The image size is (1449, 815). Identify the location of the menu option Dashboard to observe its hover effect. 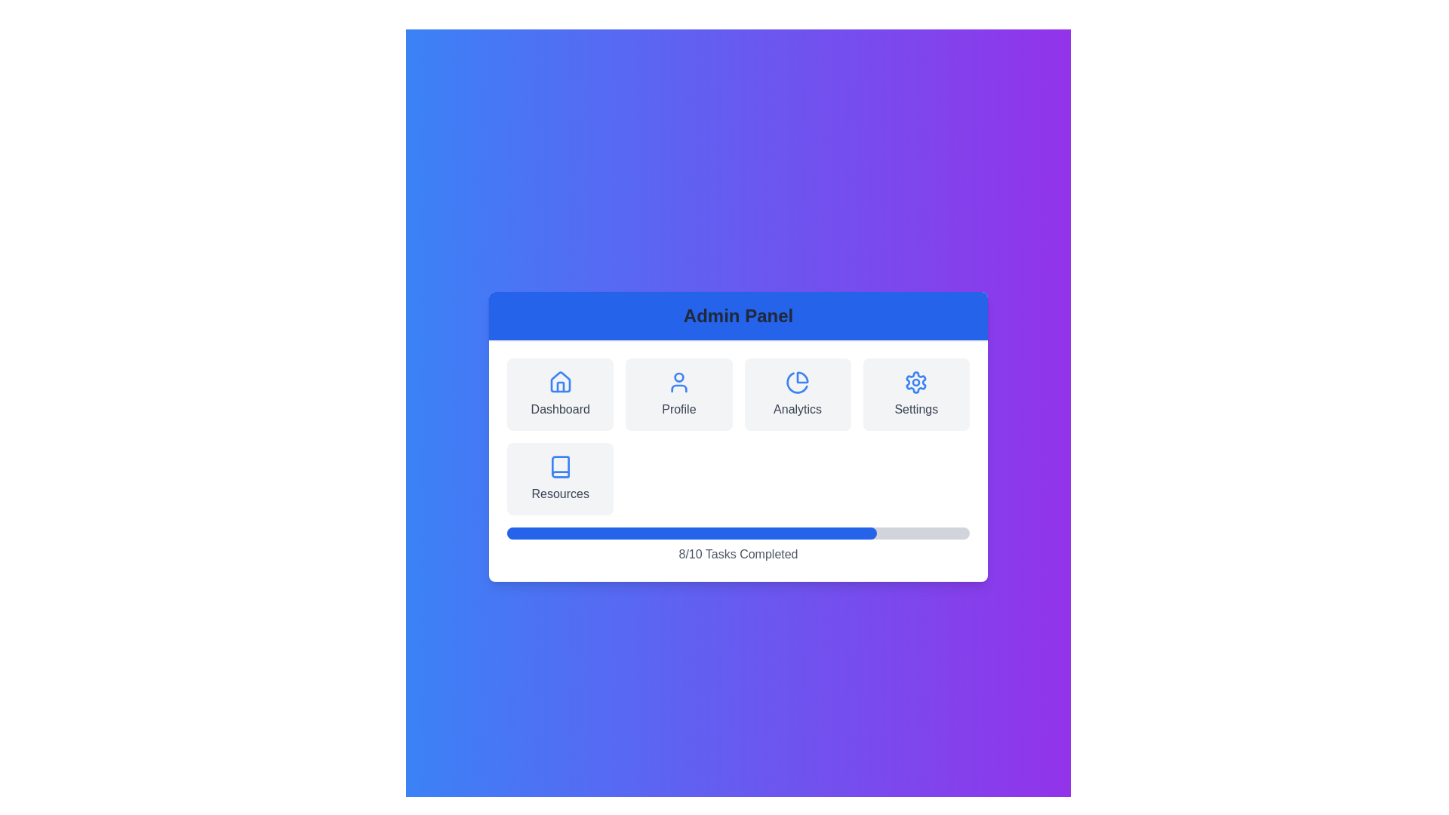
(559, 394).